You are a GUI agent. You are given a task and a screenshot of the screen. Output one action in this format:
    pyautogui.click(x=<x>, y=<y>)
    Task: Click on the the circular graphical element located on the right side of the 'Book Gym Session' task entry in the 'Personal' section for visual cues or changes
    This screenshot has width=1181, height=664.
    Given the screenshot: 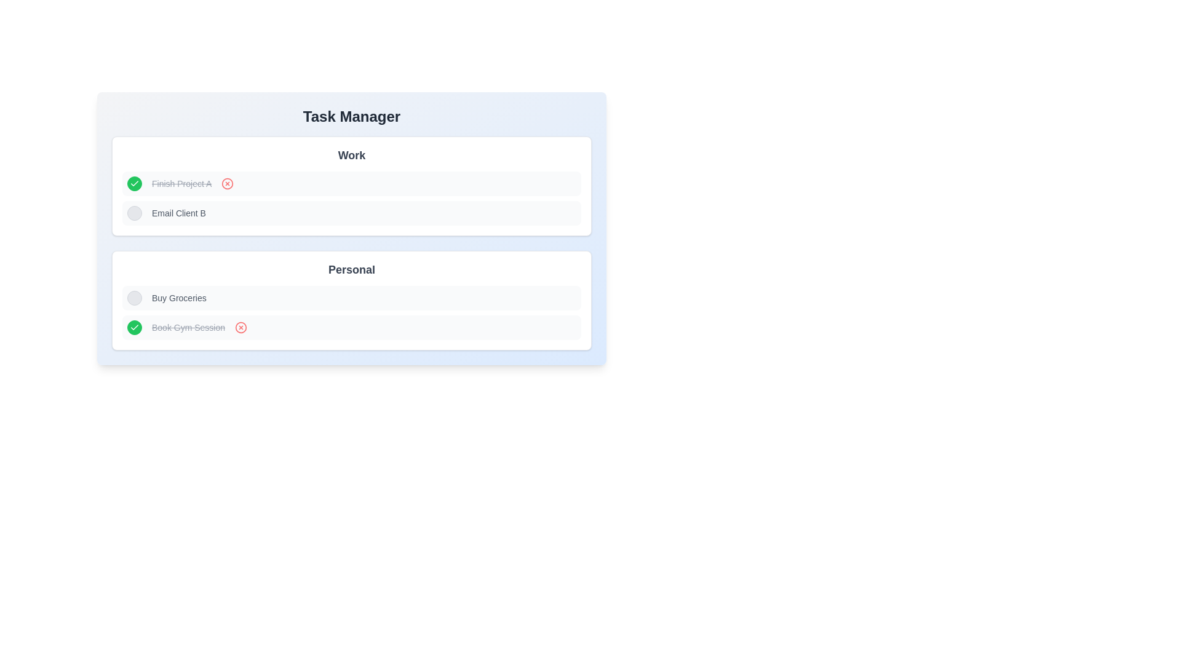 What is the action you would take?
    pyautogui.click(x=241, y=326)
    